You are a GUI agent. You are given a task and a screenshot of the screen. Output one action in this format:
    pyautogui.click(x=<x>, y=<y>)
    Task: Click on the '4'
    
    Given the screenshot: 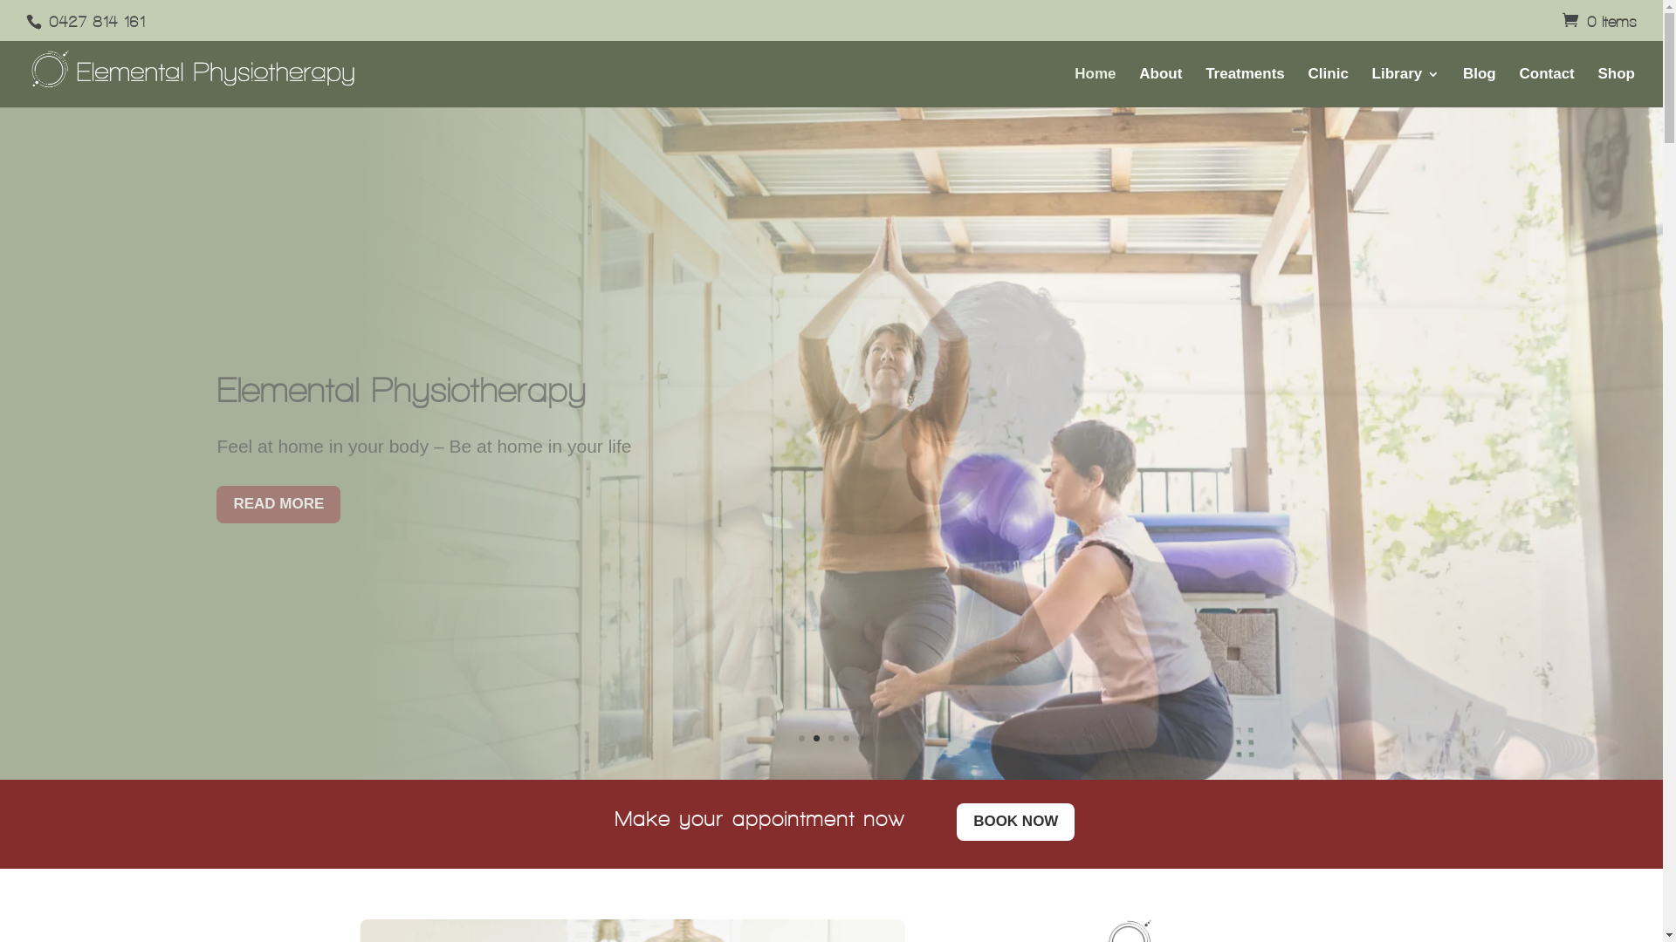 What is the action you would take?
    pyautogui.click(x=846, y=738)
    